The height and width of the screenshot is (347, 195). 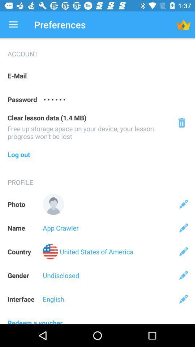 I want to click on edit interface, so click(x=183, y=299).